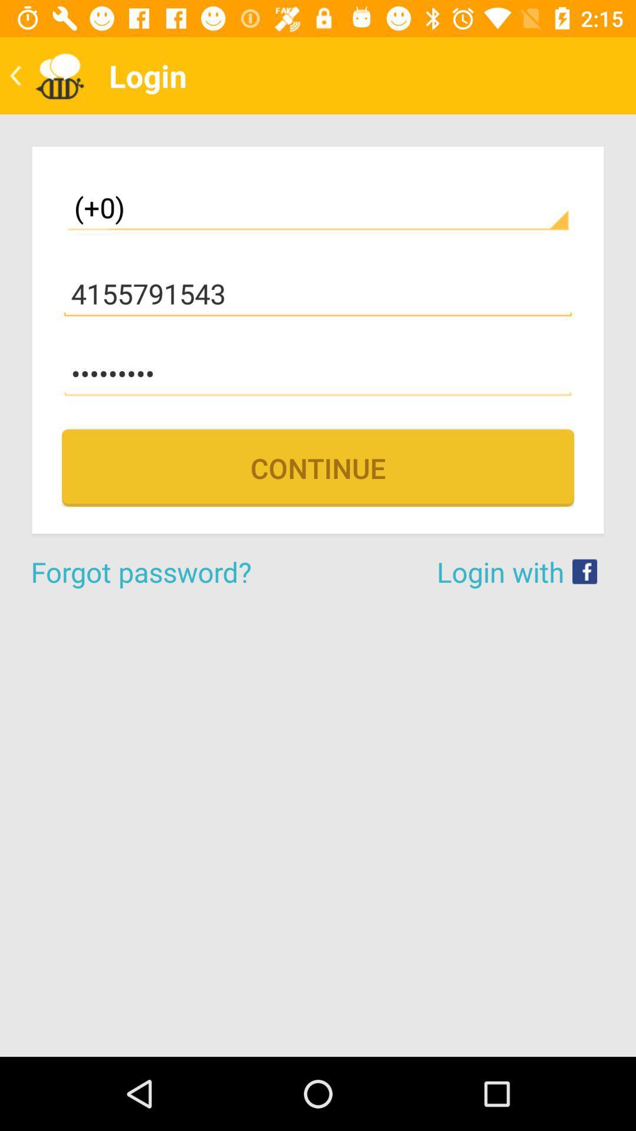 This screenshot has width=636, height=1131. Describe the element at coordinates (174, 571) in the screenshot. I see `the icon below continue item` at that location.